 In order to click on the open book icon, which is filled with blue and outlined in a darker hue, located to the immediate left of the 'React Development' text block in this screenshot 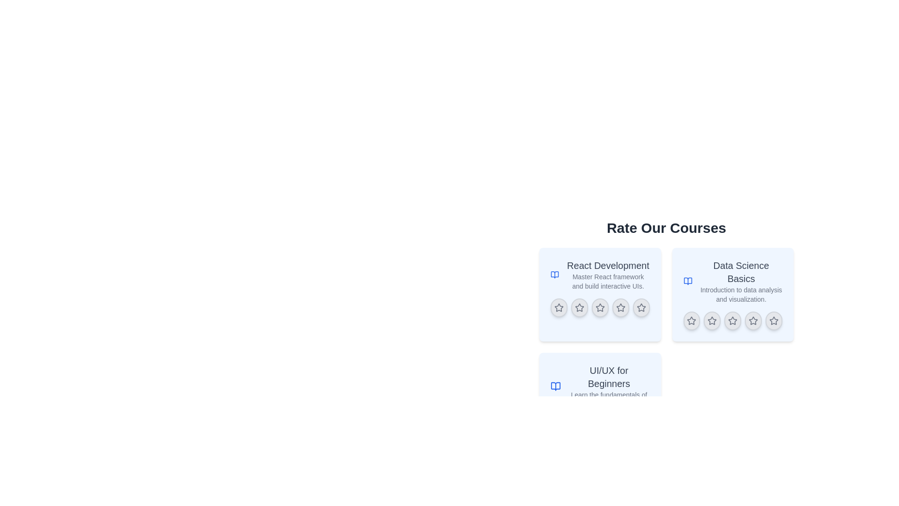, I will do `click(555, 274)`.